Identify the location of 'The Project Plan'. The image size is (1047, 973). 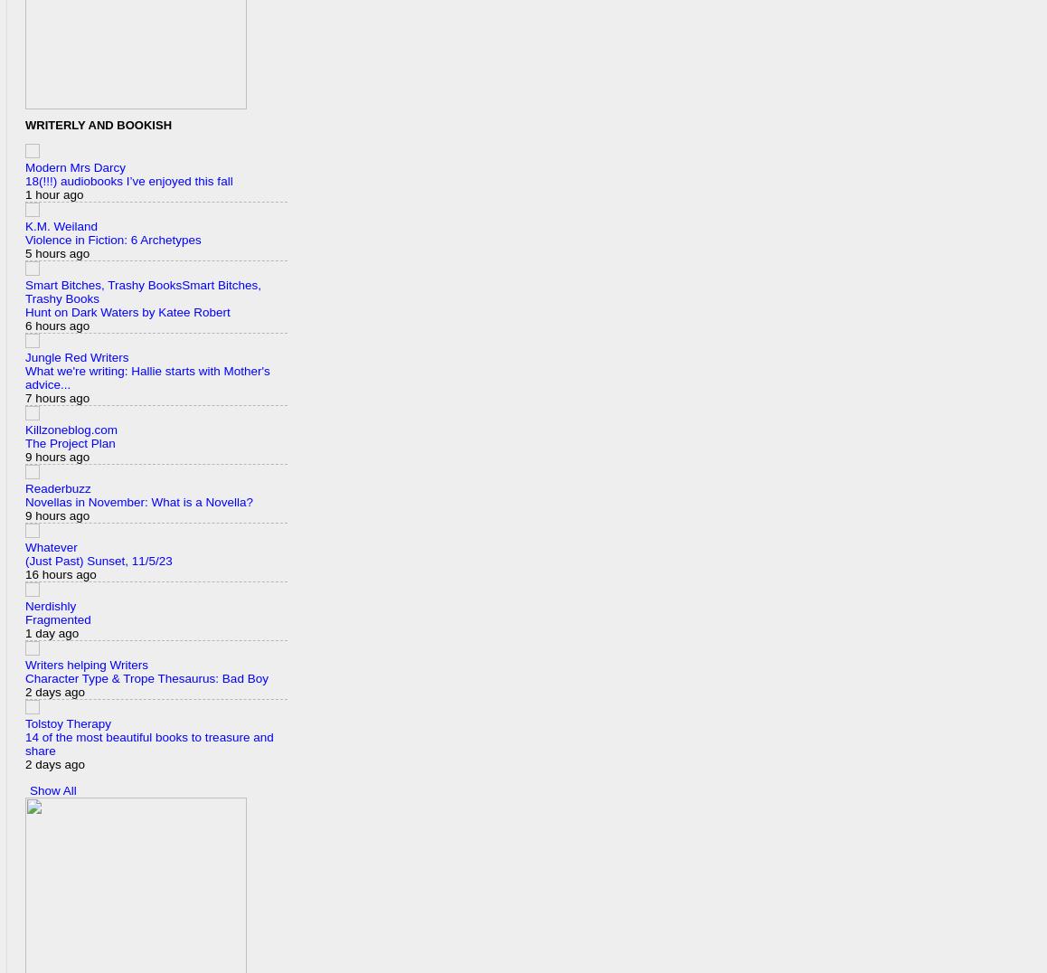
(70, 442).